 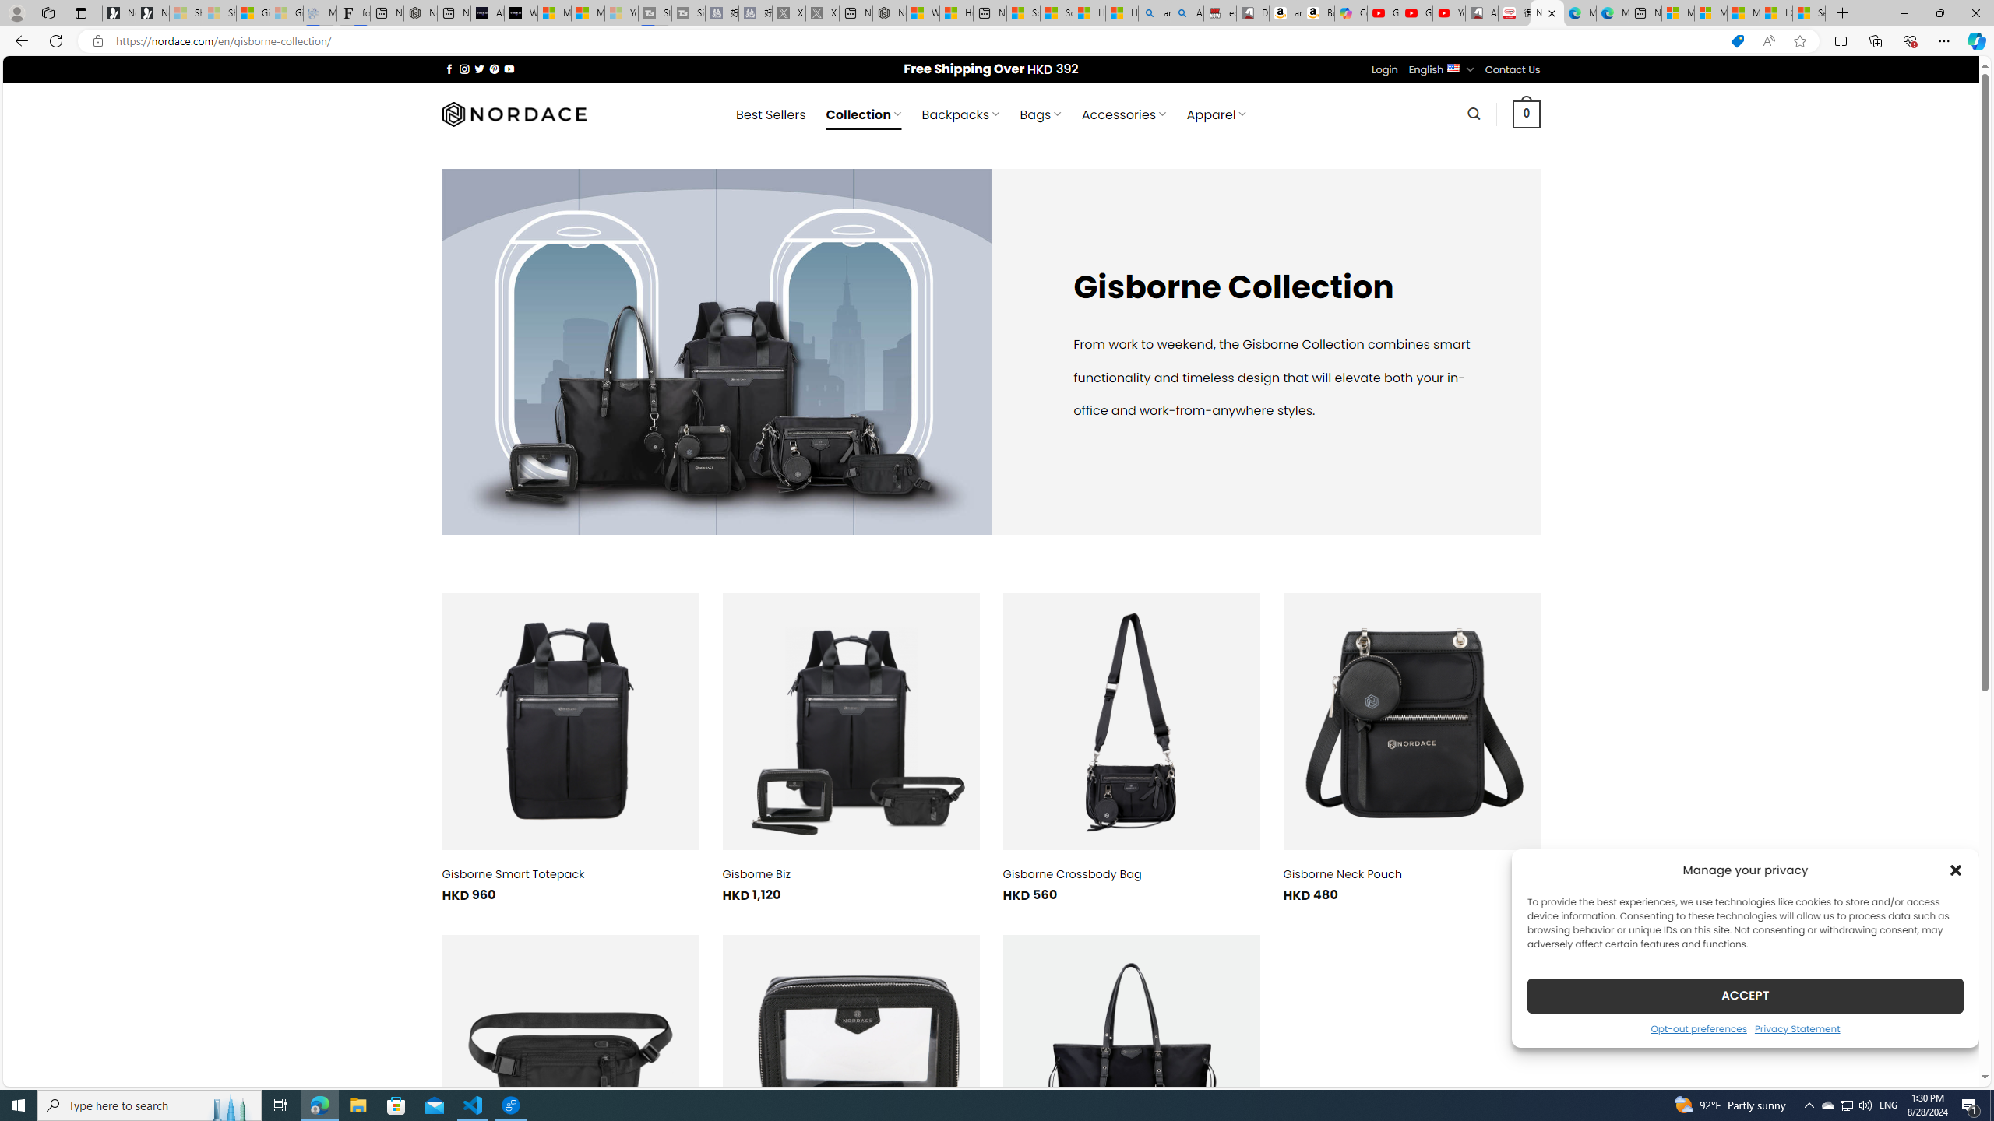 What do you see at coordinates (486, 12) in the screenshot?
I see `'AI Voice Changer for PC and Mac - Voice.ai'` at bounding box center [486, 12].